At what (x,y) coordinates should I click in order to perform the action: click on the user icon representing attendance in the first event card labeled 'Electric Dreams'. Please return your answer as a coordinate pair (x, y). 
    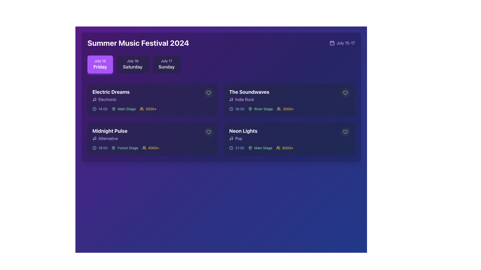
    Looking at the image, I should click on (141, 108).